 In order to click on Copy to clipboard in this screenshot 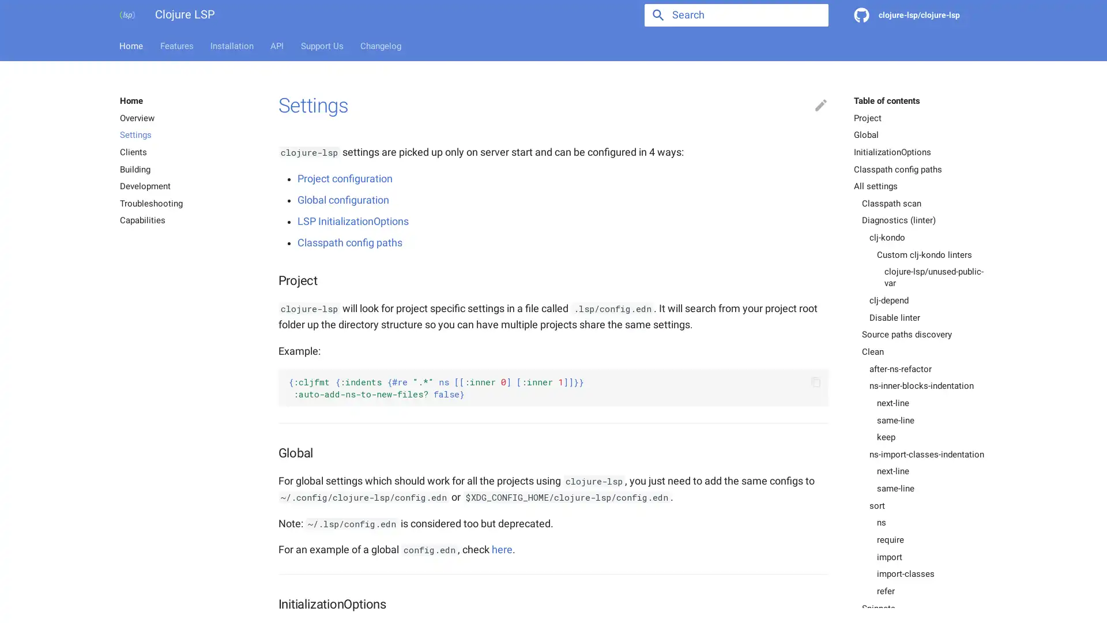, I will do `click(815, 382)`.